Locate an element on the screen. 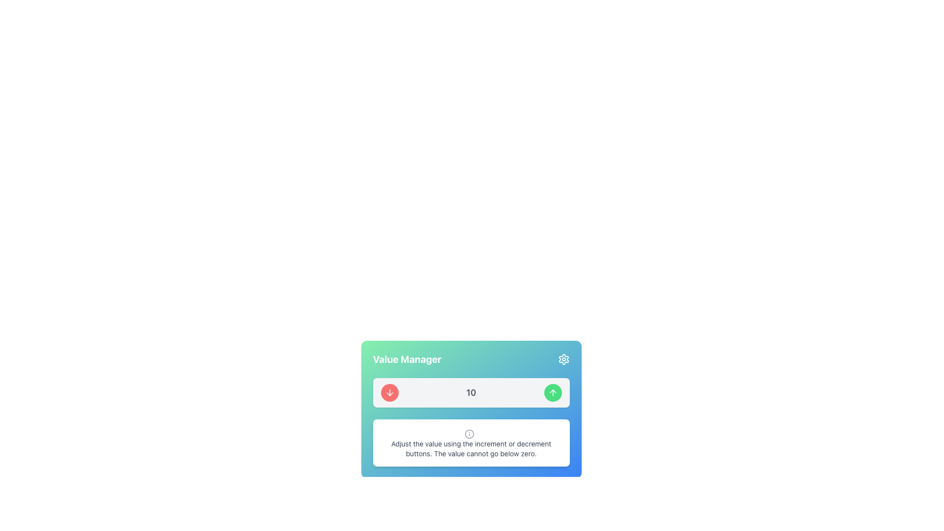 The height and width of the screenshot is (531, 944). the settings icon located in the top-right corner of the 'Value Manager' card is located at coordinates (563, 359).